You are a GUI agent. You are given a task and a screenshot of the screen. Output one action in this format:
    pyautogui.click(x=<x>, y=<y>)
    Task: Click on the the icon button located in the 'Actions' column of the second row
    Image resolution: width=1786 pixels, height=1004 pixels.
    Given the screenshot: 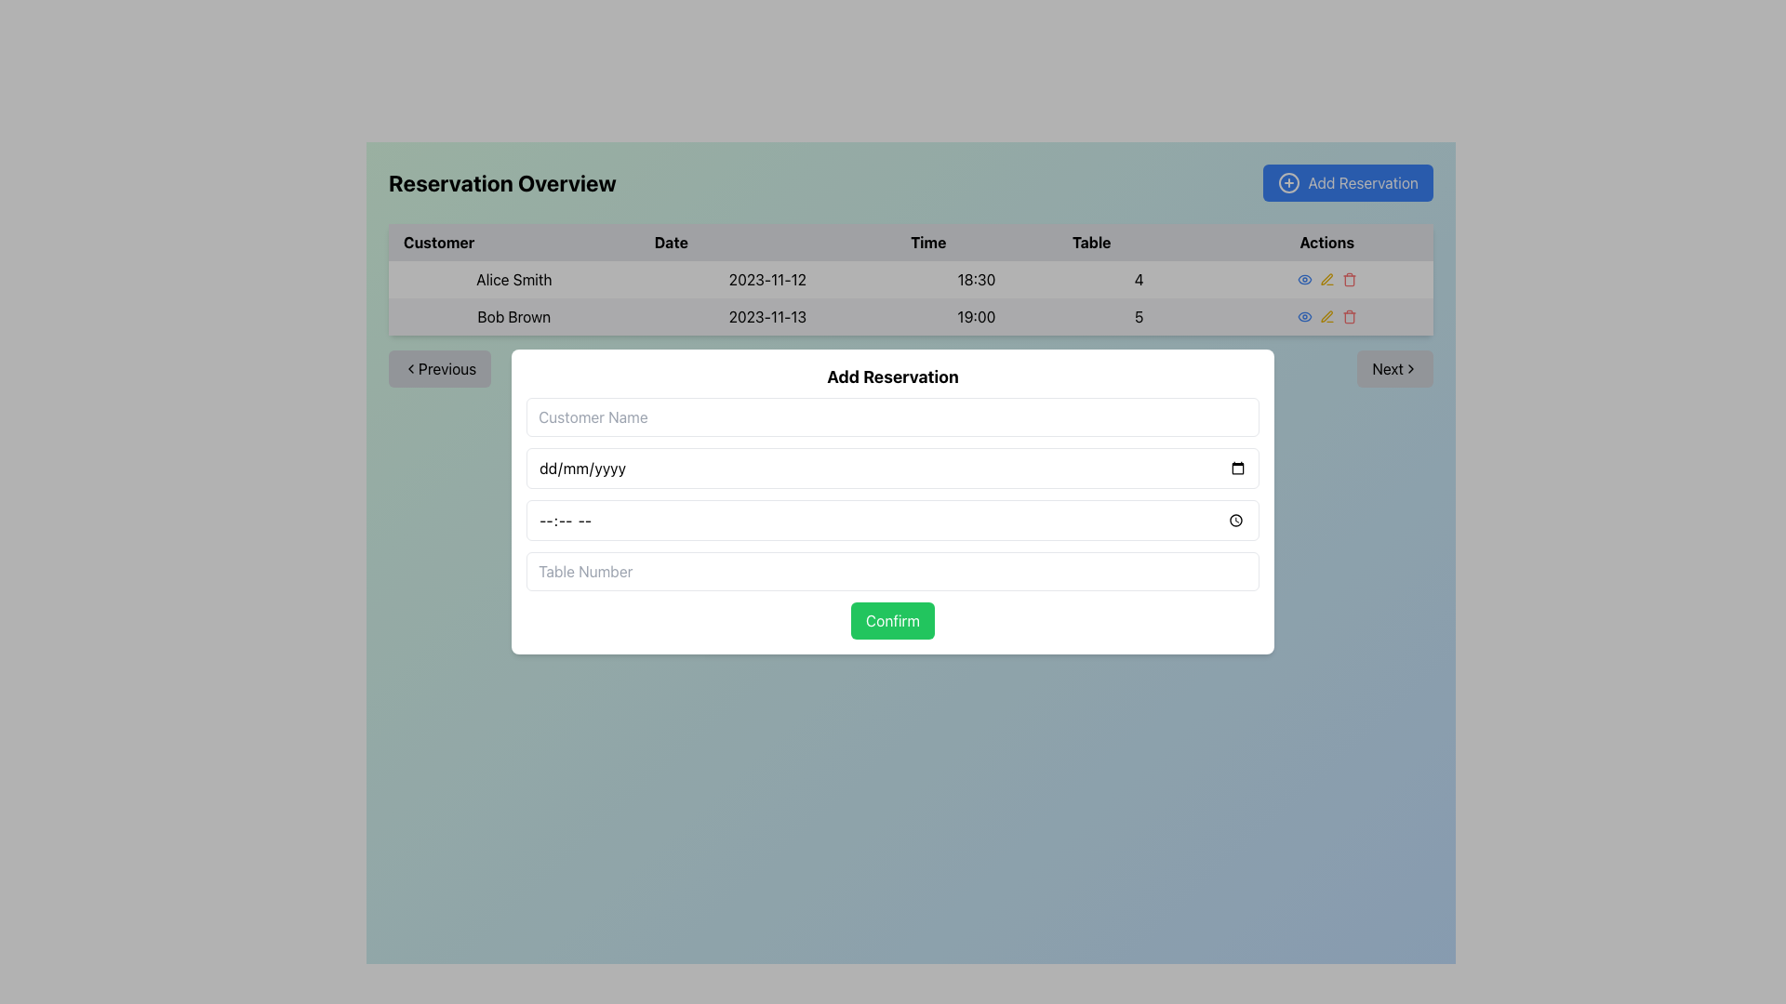 What is the action you would take?
    pyautogui.click(x=1326, y=315)
    